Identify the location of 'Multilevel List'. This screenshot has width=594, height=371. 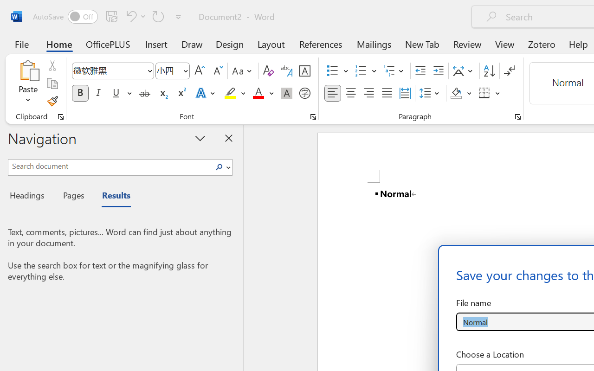
(394, 71).